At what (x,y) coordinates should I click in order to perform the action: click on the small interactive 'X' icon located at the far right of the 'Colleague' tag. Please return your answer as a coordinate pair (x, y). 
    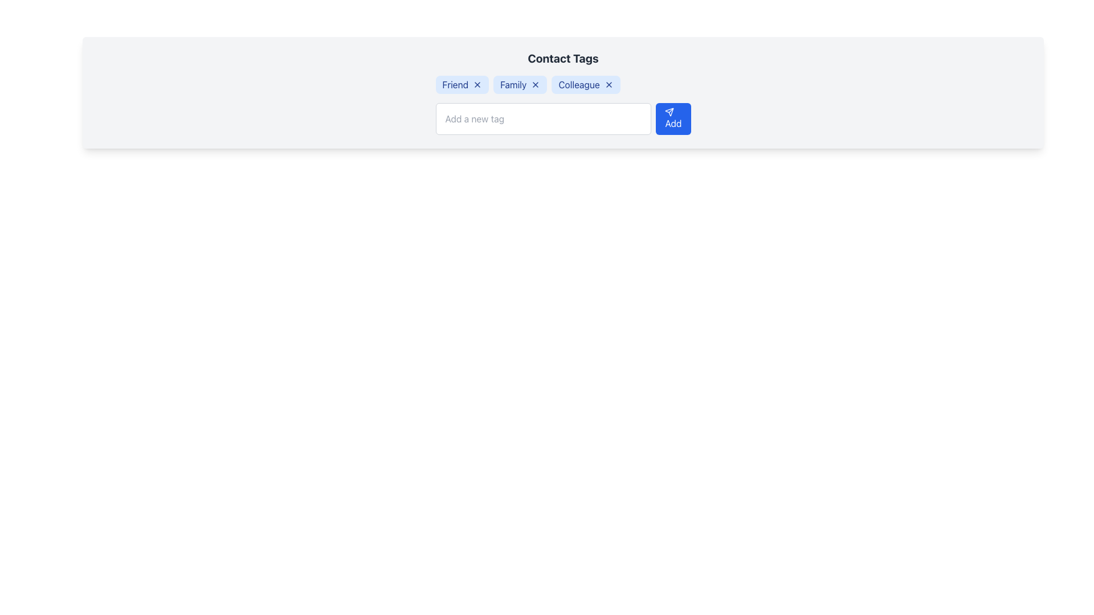
    Looking at the image, I should click on (608, 84).